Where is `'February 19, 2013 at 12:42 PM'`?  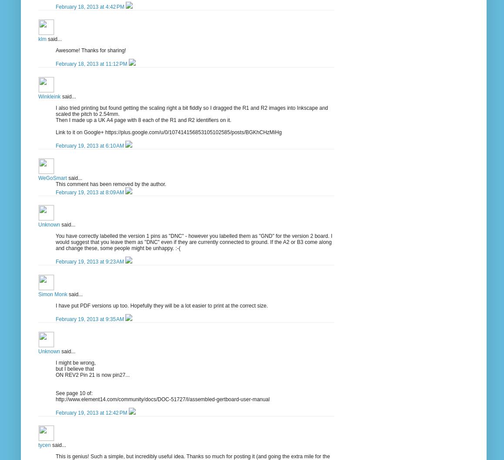
'February 19, 2013 at 12:42 PM' is located at coordinates (92, 413).